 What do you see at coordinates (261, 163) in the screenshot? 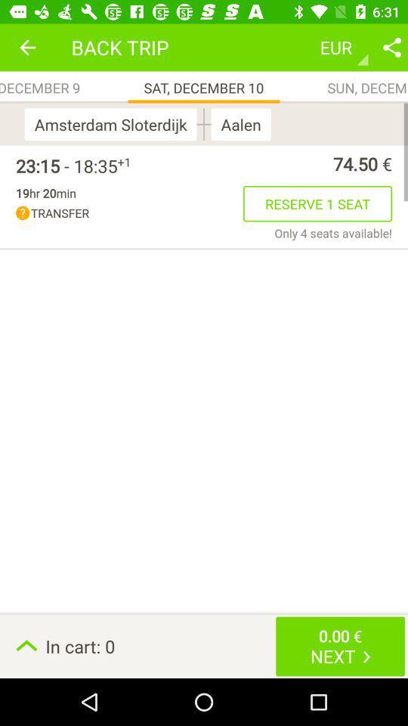
I see `the item above reserve 1 seat icon` at bounding box center [261, 163].